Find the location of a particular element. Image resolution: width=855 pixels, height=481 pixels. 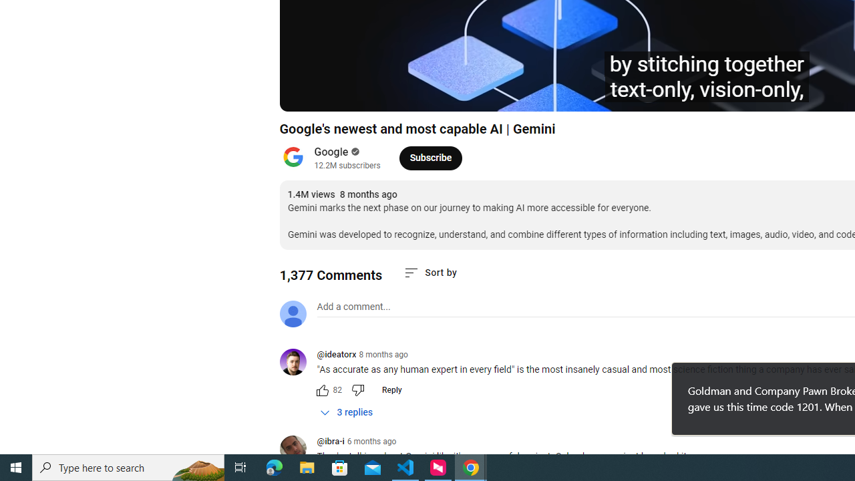

'Reply' is located at coordinates (391, 389).